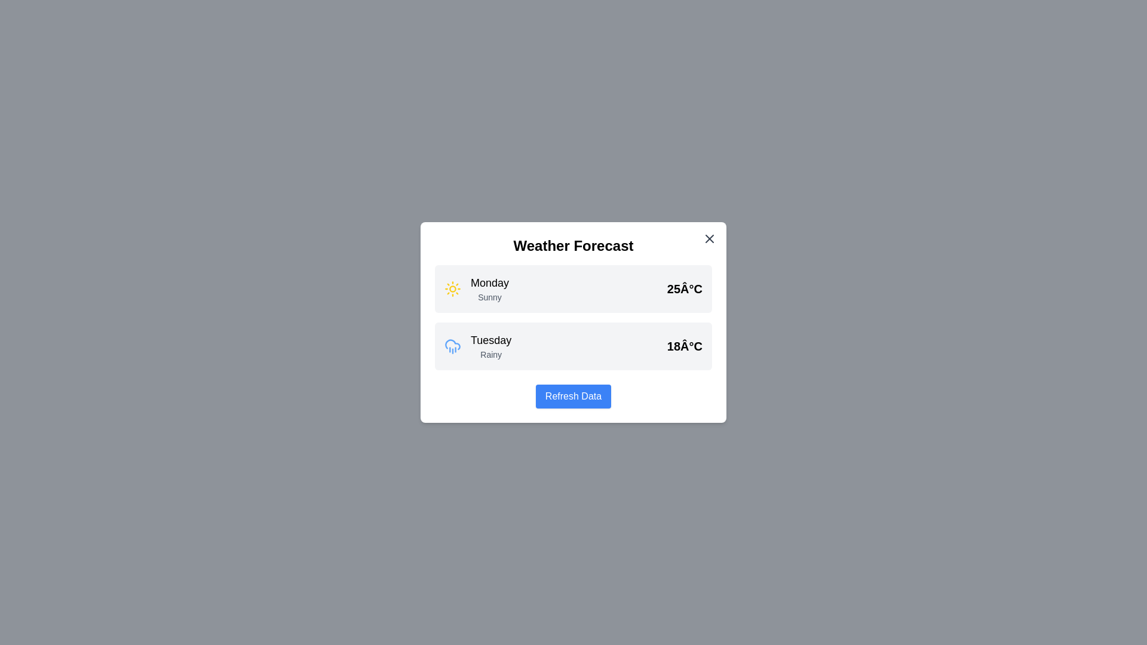  What do you see at coordinates (452, 346) in the screenshot?
I see `the blue cloud and raindrop icon representing rainy weather, which is situated to the left of the text 'Tuesday' and 'Rainy' in the Tuesday weather forecast section` at bounding box center [452, 346].